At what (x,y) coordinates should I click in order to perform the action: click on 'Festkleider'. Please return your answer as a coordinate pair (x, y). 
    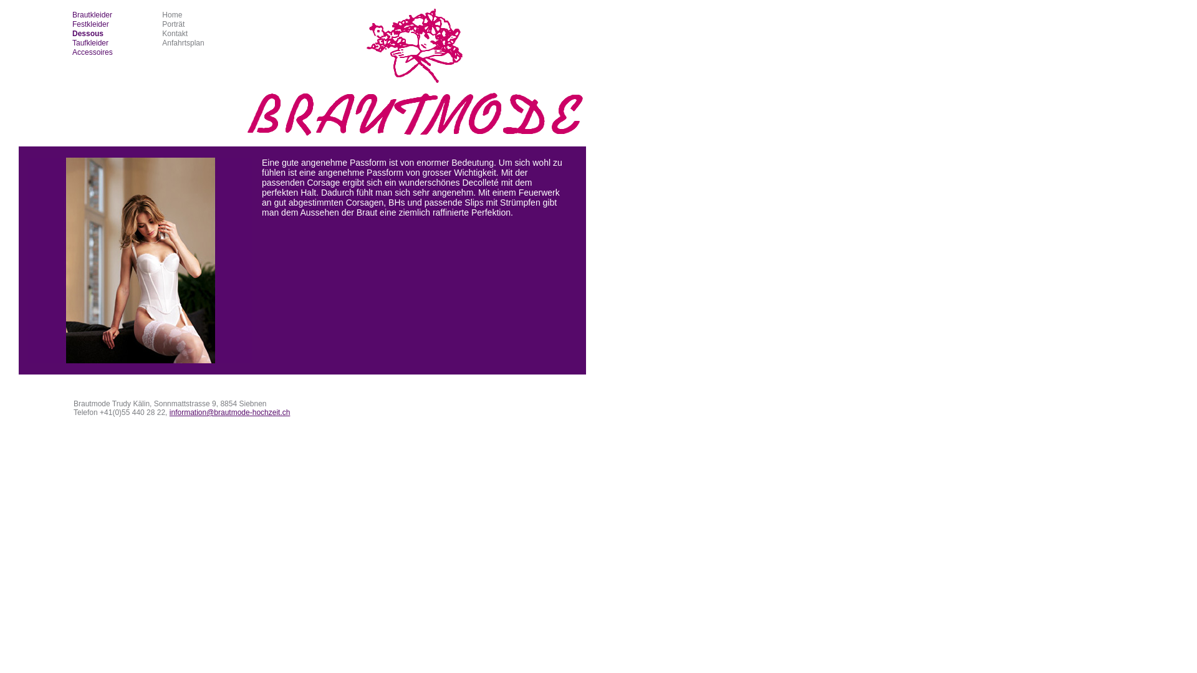
    Looking at the image, I should click on (71, 24).